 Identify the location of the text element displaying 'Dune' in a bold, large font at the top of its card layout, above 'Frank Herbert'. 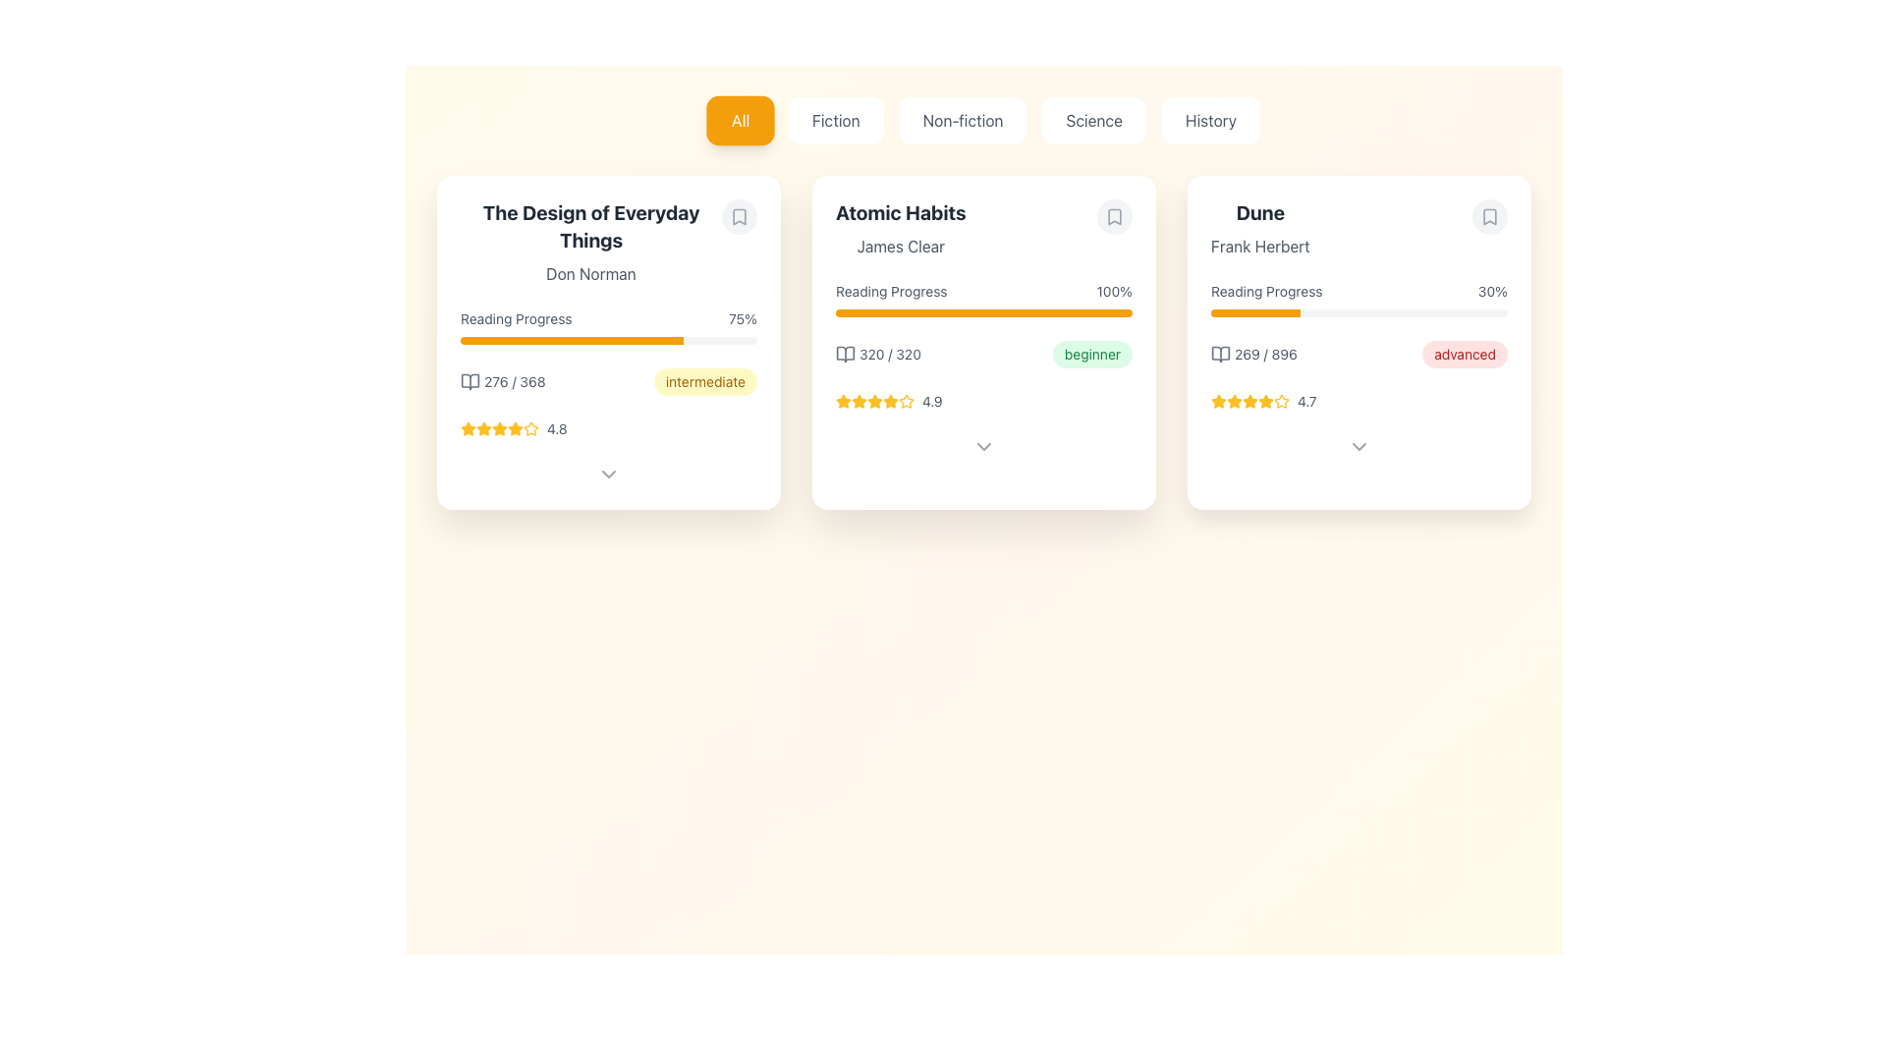
(1260, 212).